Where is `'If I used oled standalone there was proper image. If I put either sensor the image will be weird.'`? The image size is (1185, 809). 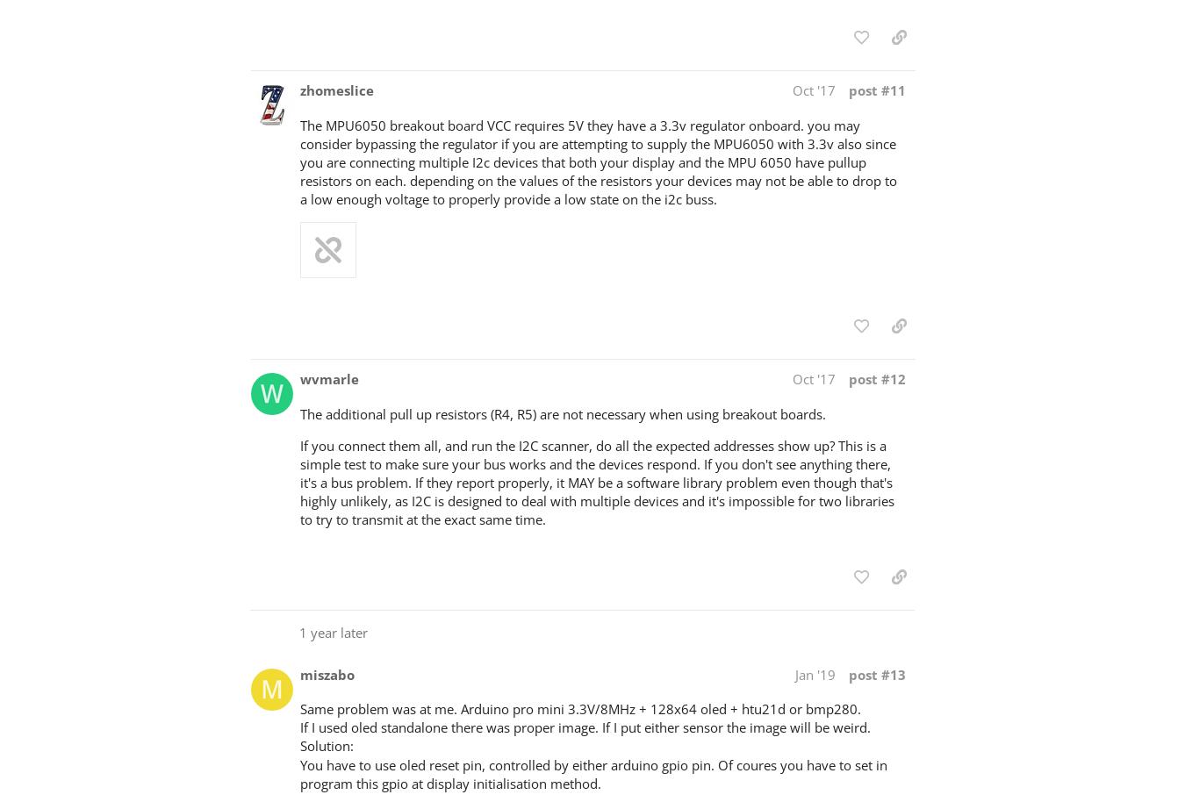
'If I used oled standalone there was proper image. If I put either sensor the image will be weird.' is located at coordinates (585, 726).